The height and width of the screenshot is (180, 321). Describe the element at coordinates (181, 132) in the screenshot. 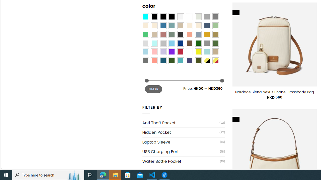

I see `'Hidden Pocket'` at that location.